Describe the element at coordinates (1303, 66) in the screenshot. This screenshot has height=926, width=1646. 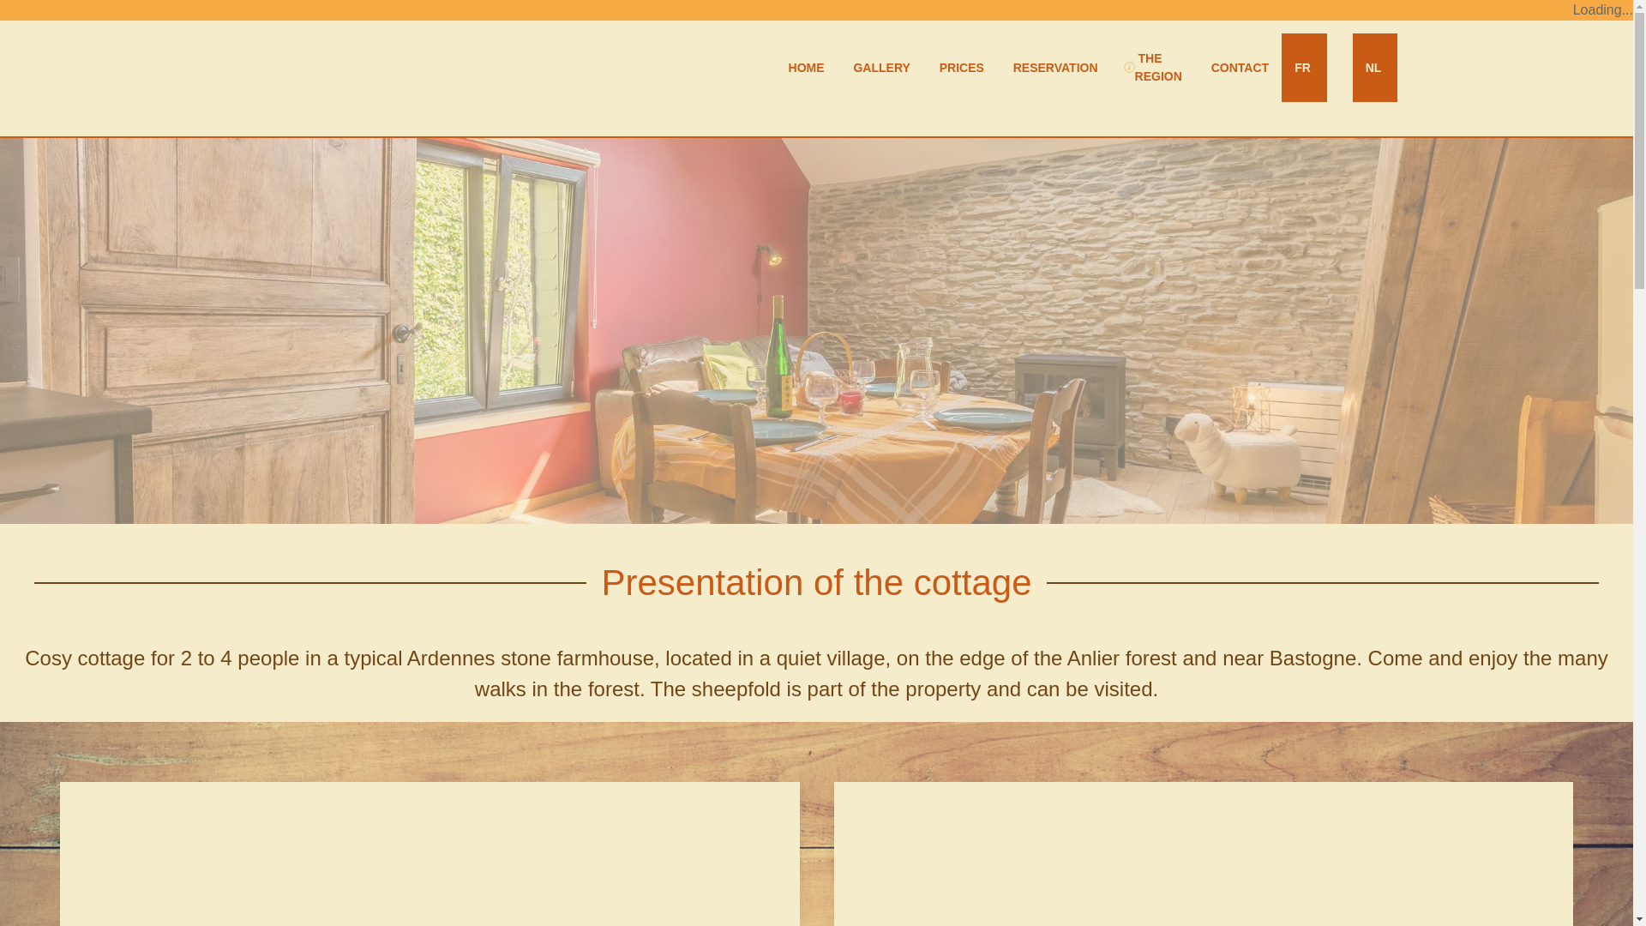
I see `'FR '` at that location.